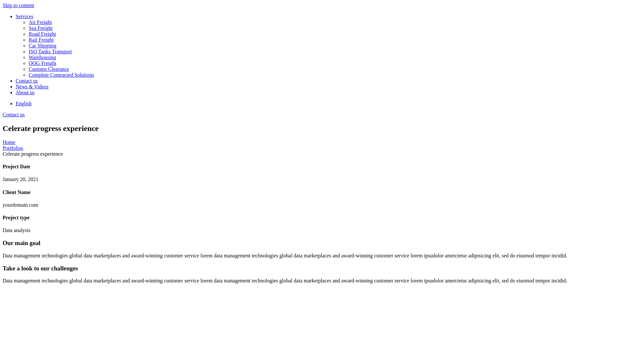 The height and width of the screenshot is (351, 625). Describe the element at coordinates (28, 40) in the screenshot. I see `'Rail Freight'` at that location.